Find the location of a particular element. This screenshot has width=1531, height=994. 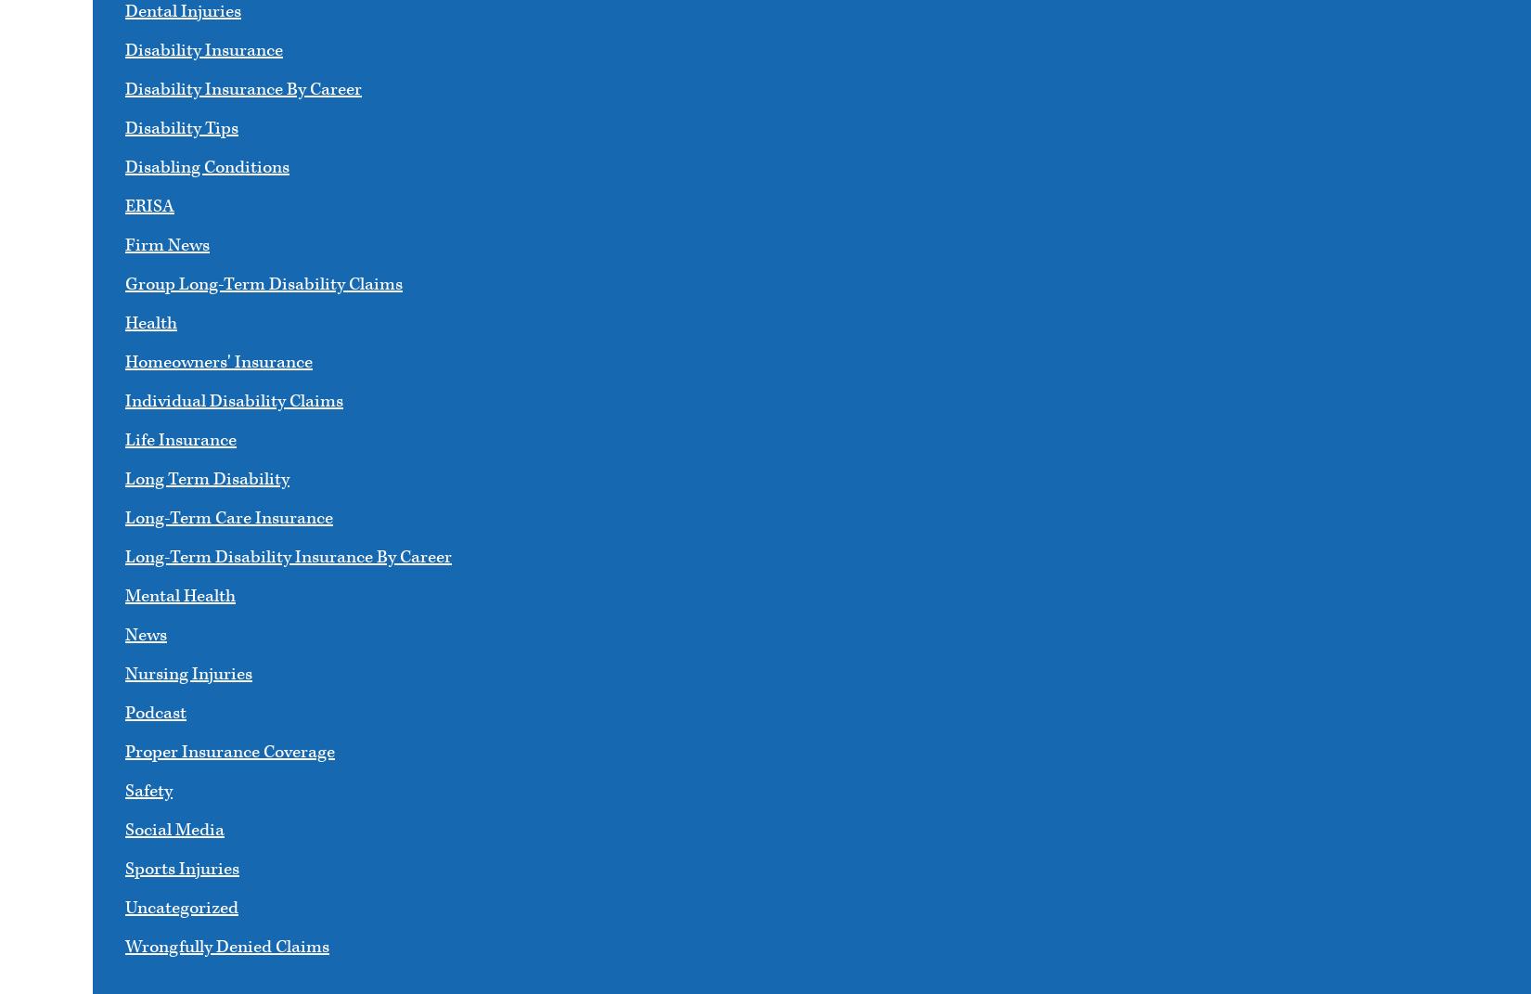

'Mental Health' is located at coordinates (180, 595).